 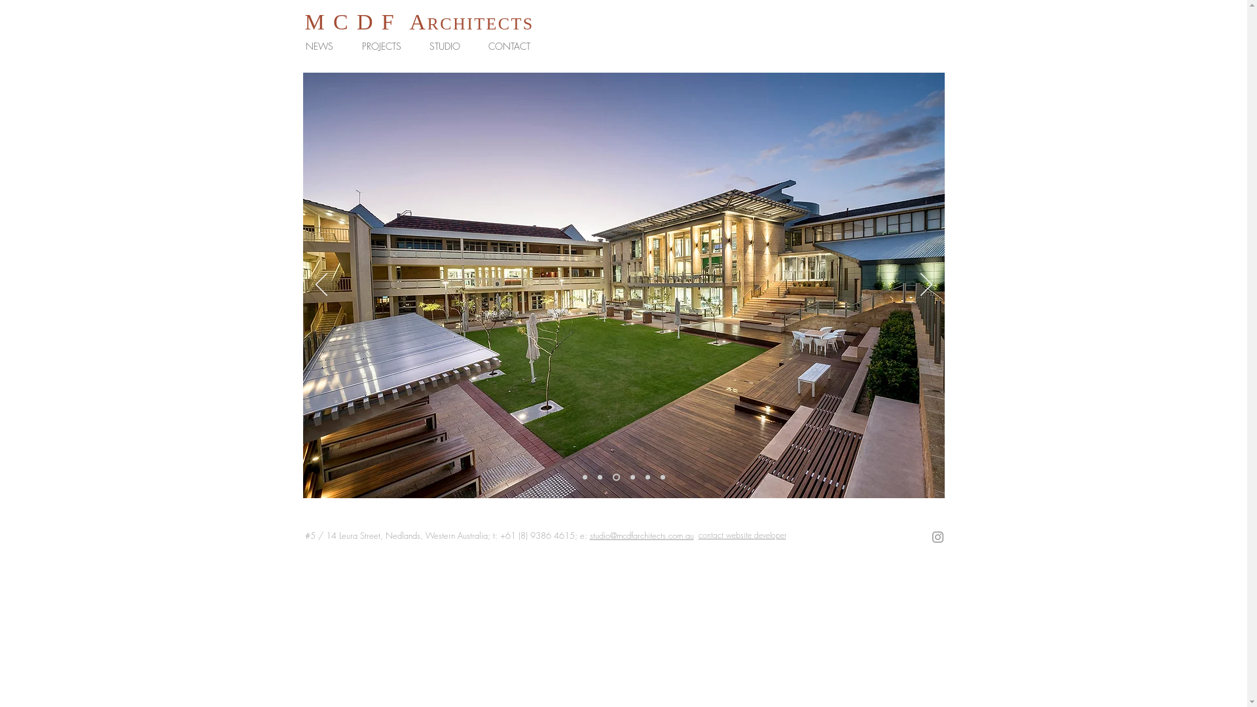 What do you see at coordinates (352, 45) in the screenshot?
I see `'PROJECTS'` at bounding box center [352, 45].